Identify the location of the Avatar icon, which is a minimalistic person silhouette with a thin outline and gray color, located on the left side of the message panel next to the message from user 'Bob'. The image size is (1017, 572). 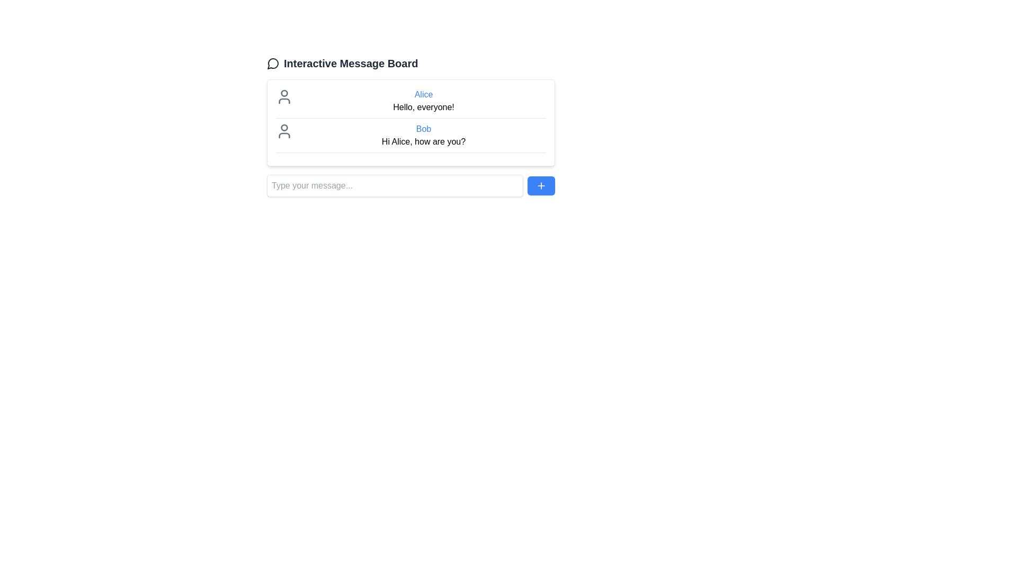
(284, 130).